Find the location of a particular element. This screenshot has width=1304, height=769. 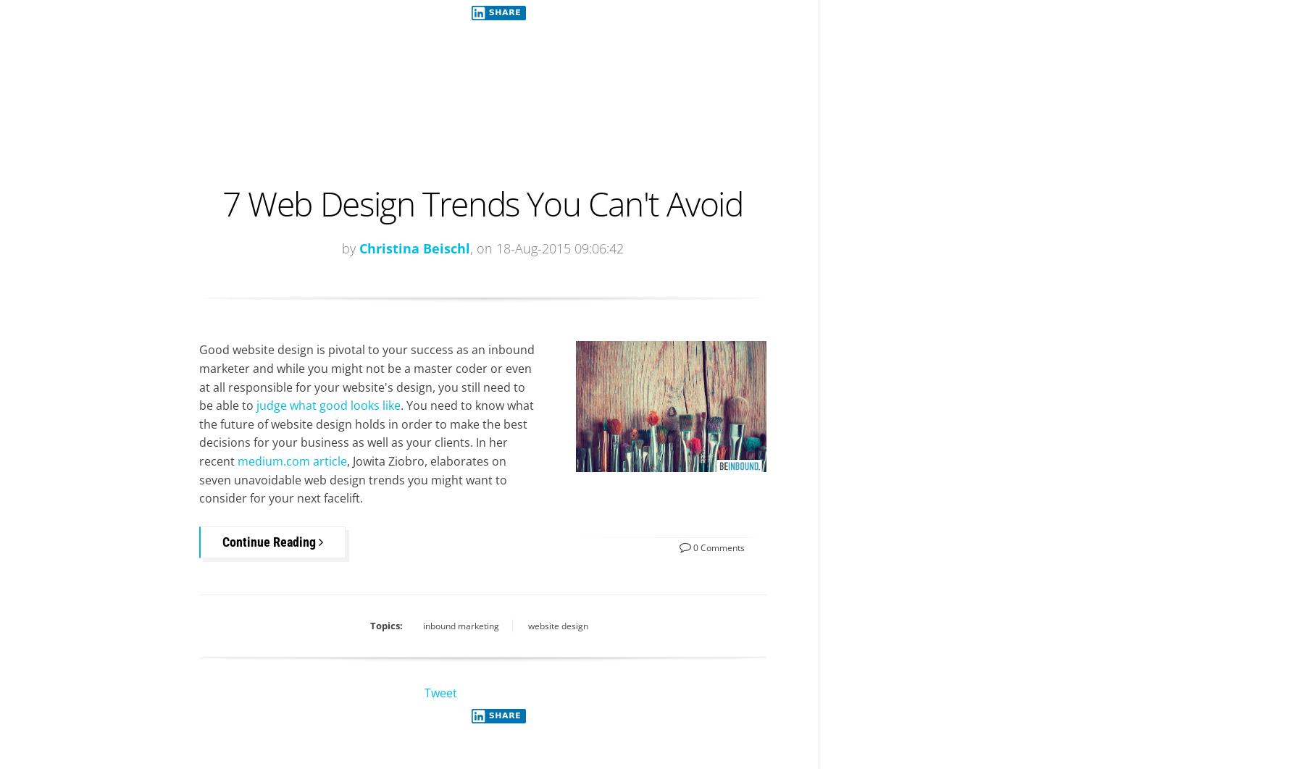

'Christina Beischl' is located at coordinates (414, 248).